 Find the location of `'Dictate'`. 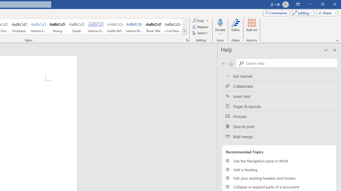

'Dictate' is located at coordinates (220, 22).